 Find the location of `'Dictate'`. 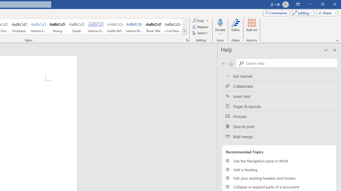

'Dictate' is located at coordinates (220, 22).